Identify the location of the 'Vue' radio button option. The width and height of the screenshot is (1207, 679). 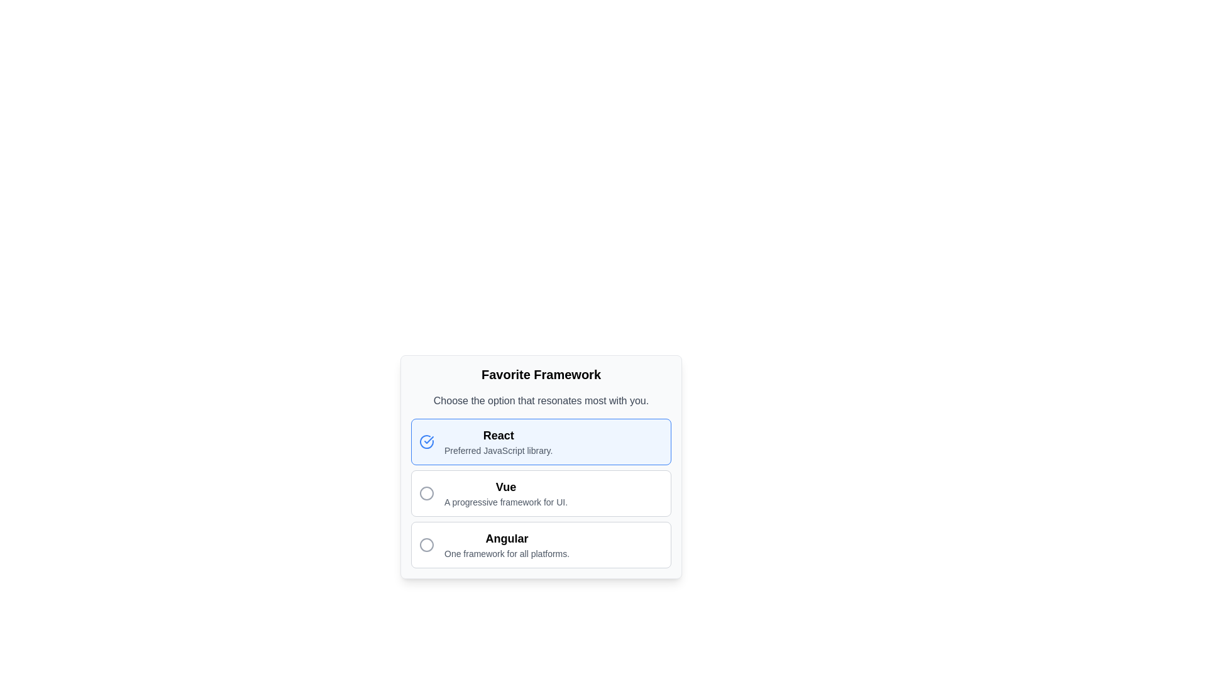
(541, 493).